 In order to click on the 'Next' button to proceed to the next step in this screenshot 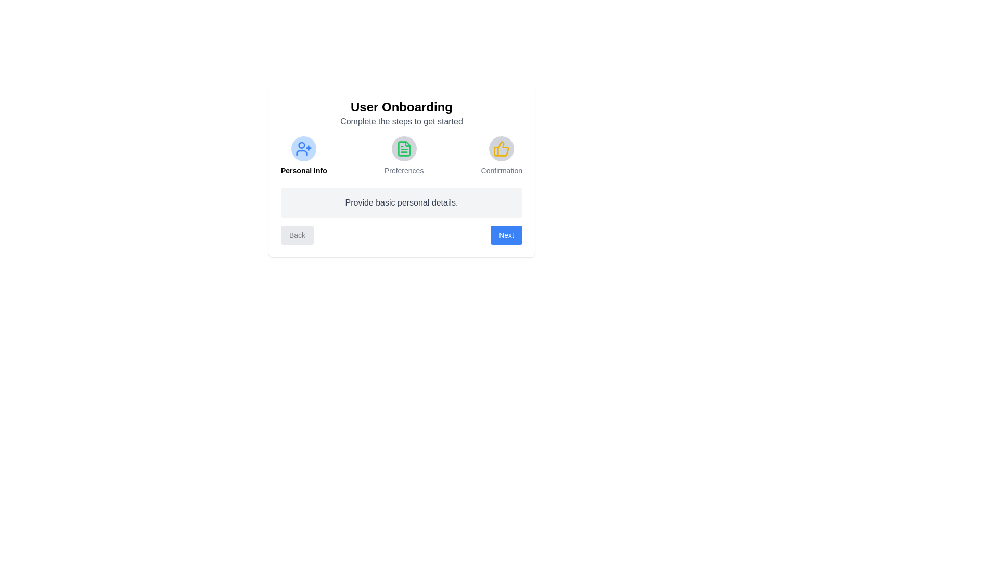, I will do `click(506, 235)`.